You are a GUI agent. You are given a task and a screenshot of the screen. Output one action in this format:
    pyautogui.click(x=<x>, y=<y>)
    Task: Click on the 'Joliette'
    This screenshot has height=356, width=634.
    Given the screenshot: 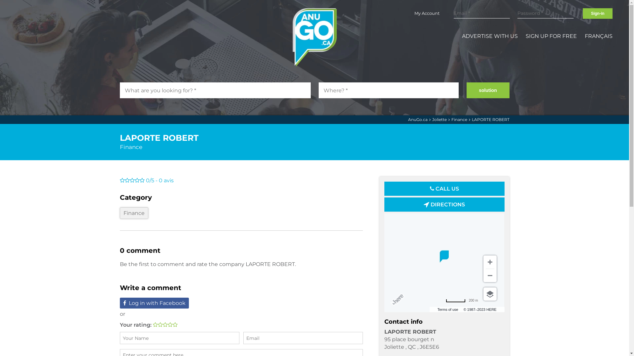 What is the action you would take?
    pyautogui.click(x=439, y=119)
    